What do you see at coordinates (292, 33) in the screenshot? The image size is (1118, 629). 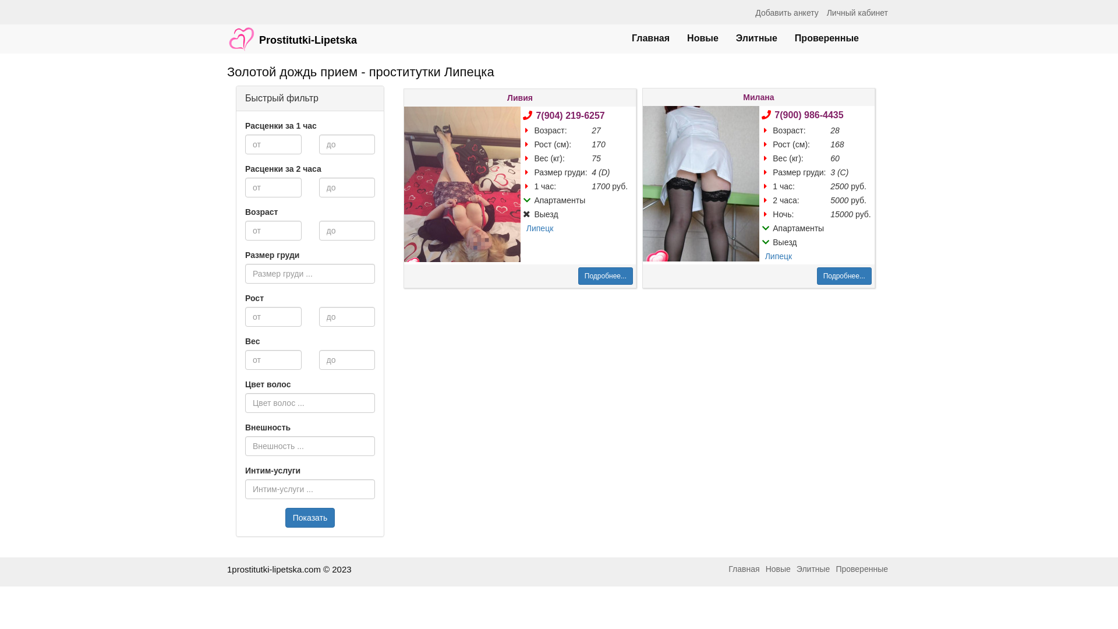 I see `'Prostitutki-Lipetska'` at bounding box center [292, 33].